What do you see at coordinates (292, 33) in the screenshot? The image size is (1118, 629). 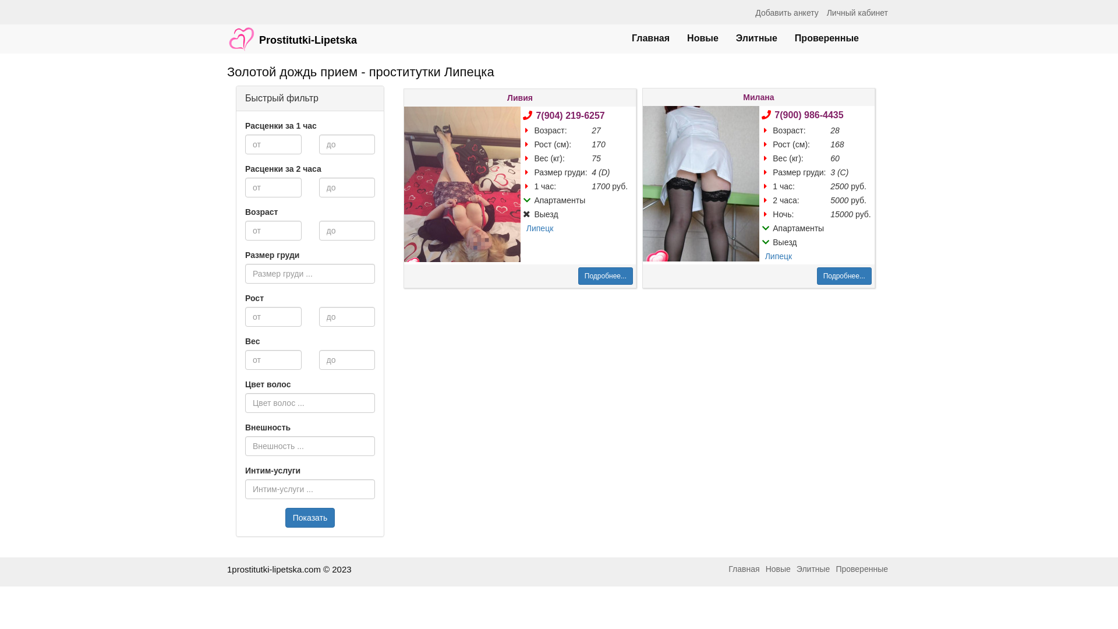 I see `'Prostitutki-Lipetska'` at bounding box center [292, 33].